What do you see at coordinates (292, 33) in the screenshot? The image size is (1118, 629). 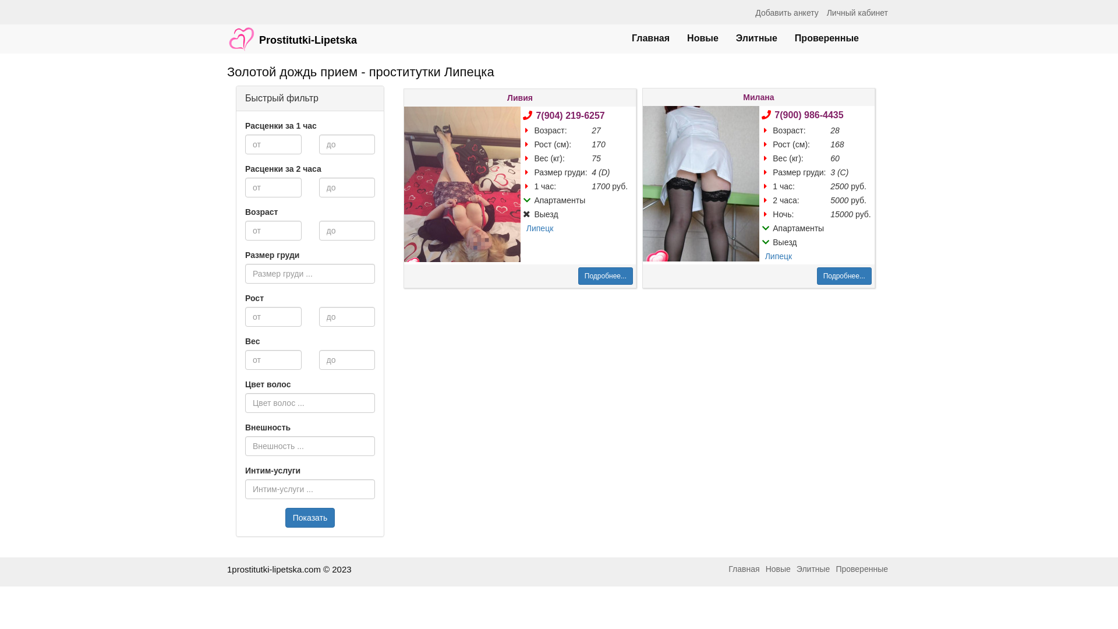 I see `'Prostitutki-Lipetska'` at bounding box center [292, 33].